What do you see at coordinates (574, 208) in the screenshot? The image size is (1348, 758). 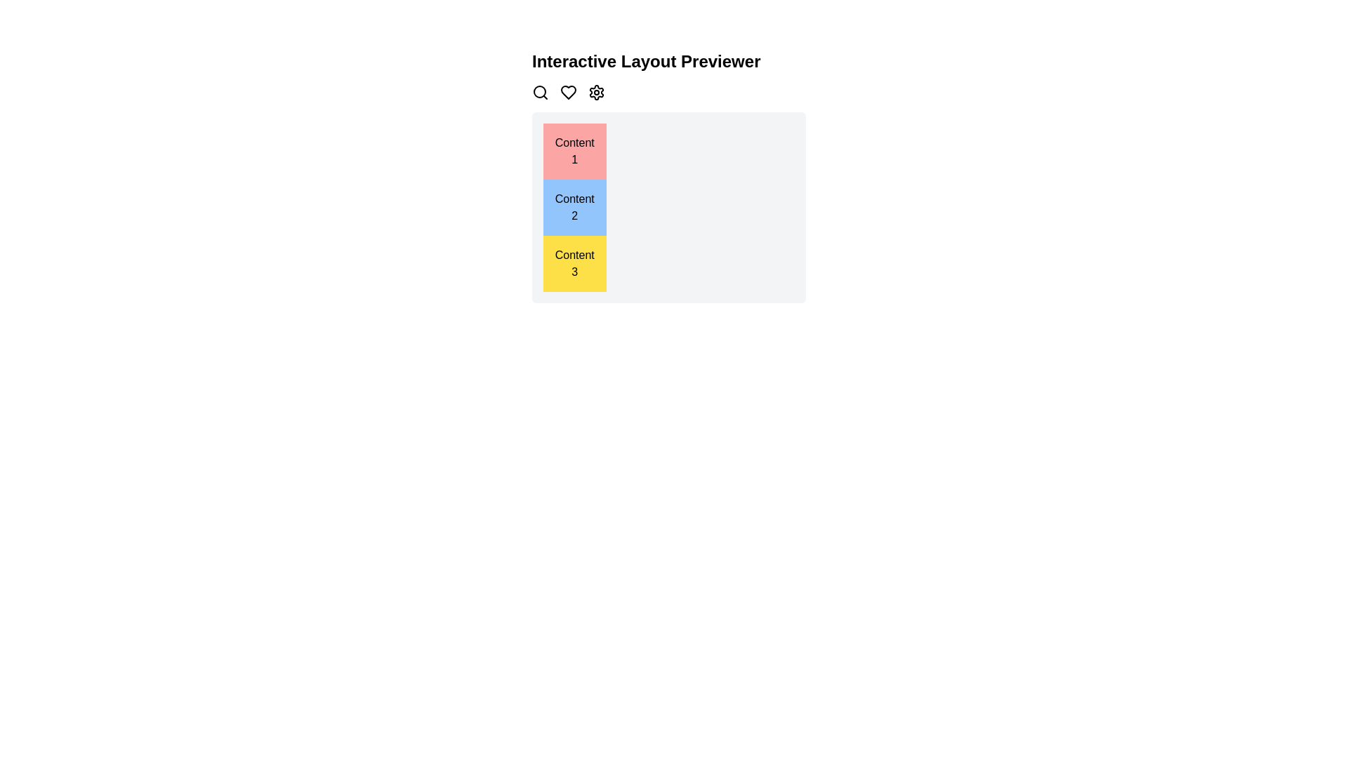 I see `the informational block labeled 'Content 2', which is the middle element in a vertical stack of three elements with a light gray background` at bounding box center [574, 208].